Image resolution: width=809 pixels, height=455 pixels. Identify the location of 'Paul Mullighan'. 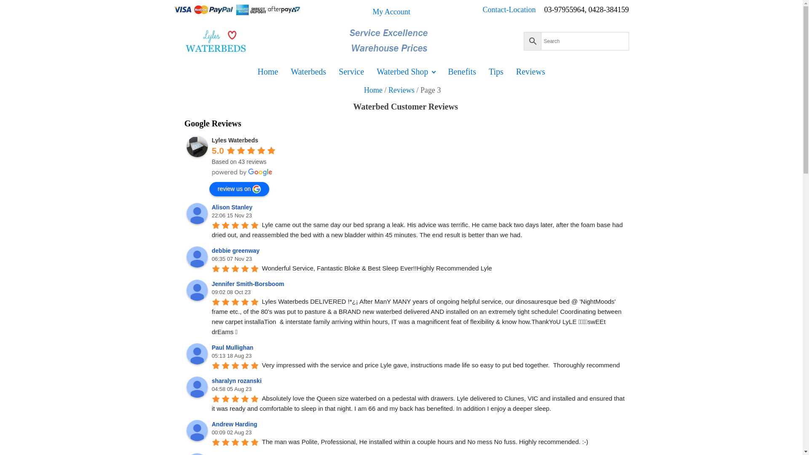
(196, 354).